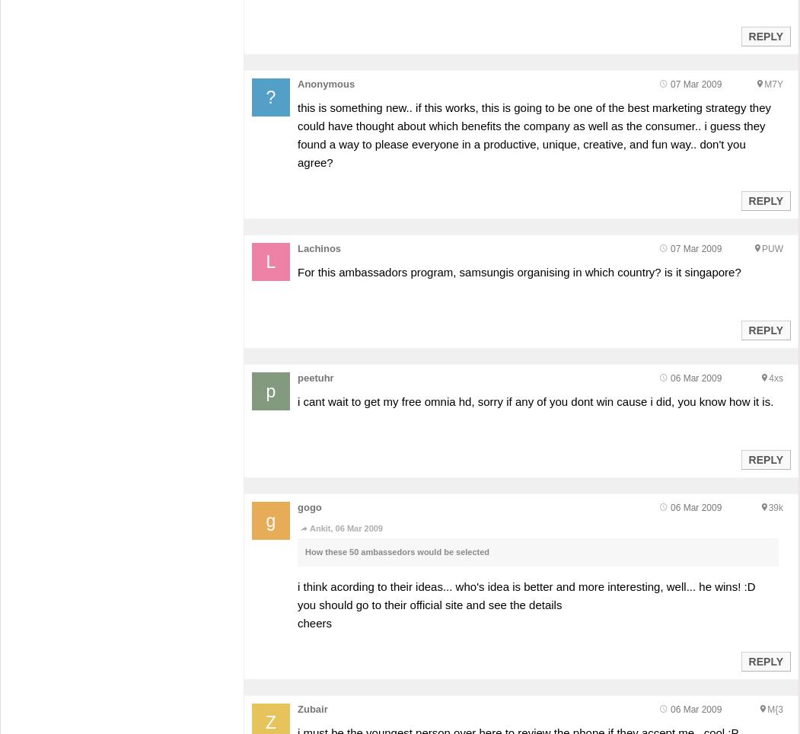 The width and height of the screenshot is (800, 734). I want to click on 'i cant wait to get my free omnia hd, sorry if any of you dont win cause i did, you know how it is.', so click(534, 401).